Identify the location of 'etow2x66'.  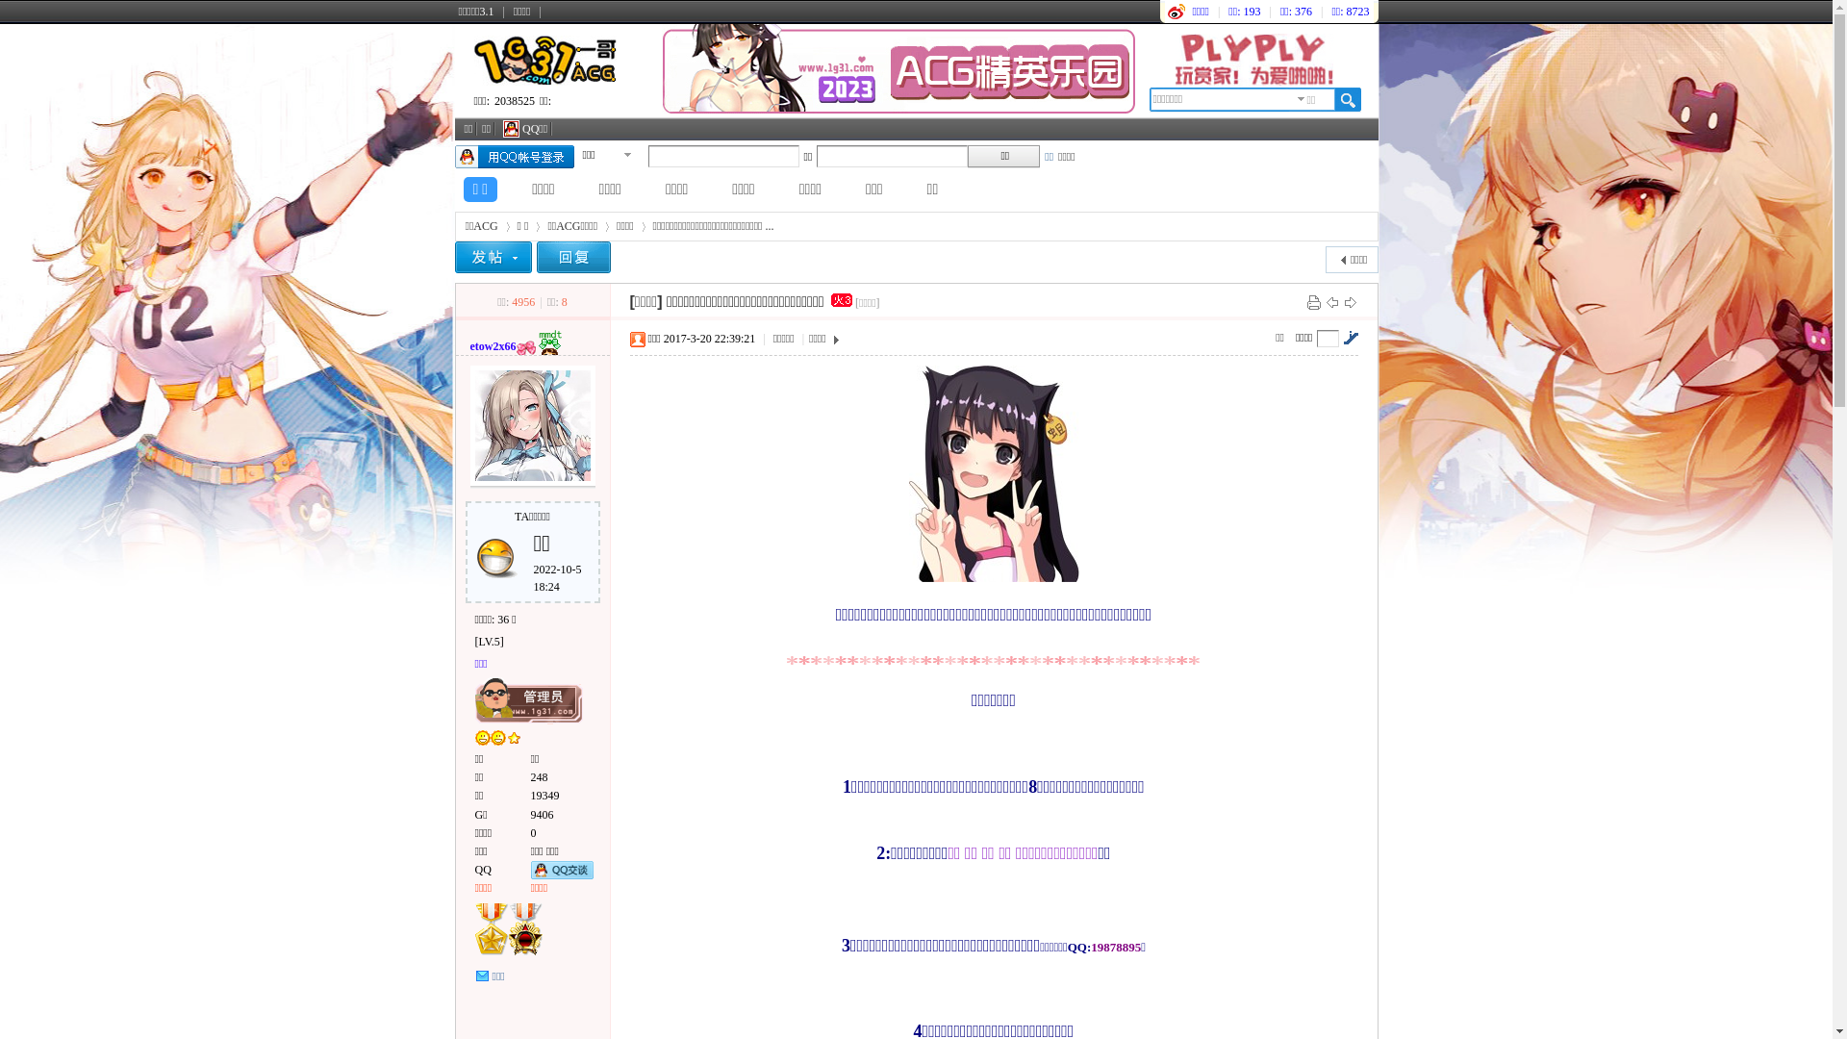
(469, 344).